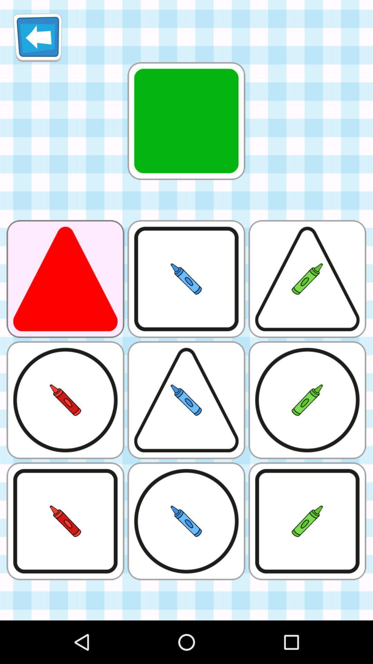 The image size is (373, 664). What do you see at coordinates (307, 521) in the screenshot?
I see `the last image from top of page` at bounding box center [307, 521].